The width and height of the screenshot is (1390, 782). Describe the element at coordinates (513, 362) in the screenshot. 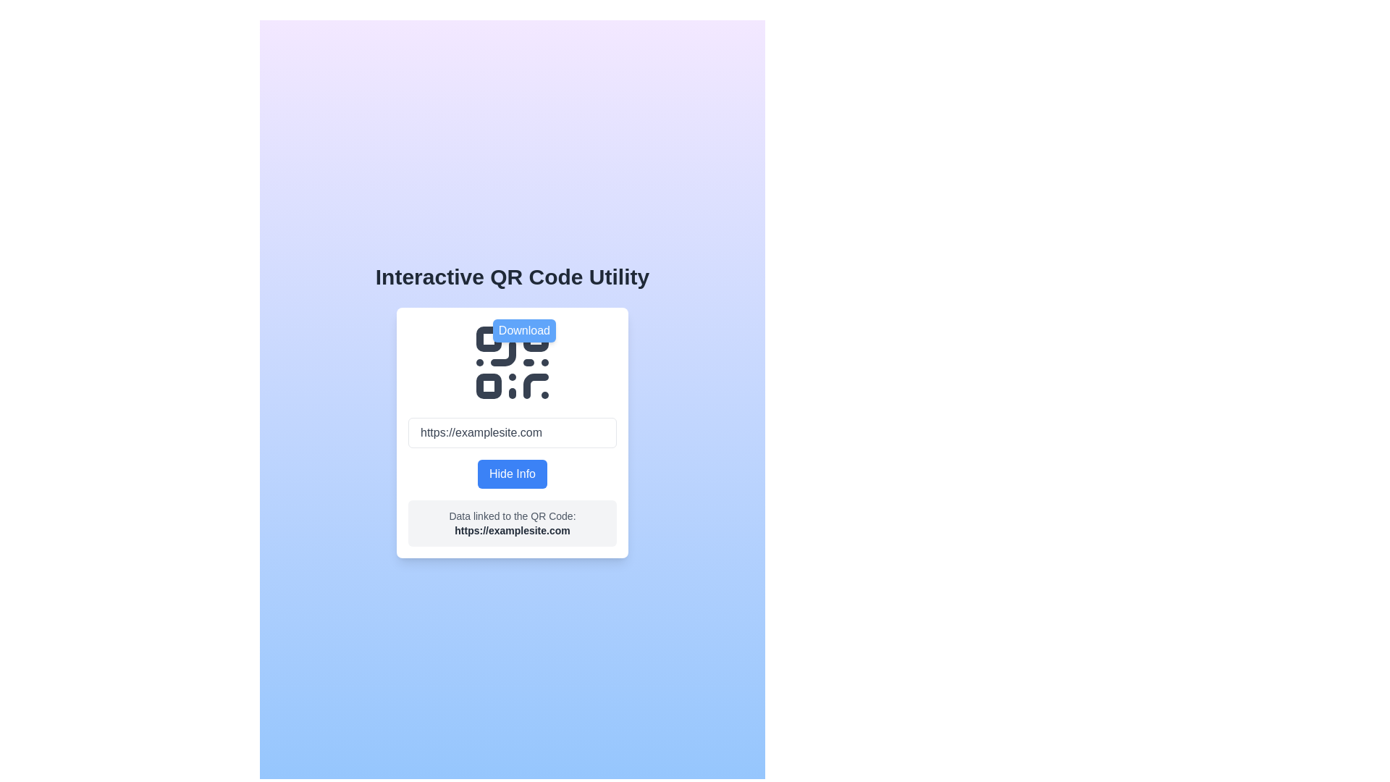

I see `the QR Code located at the center of the card beneath the 'Download' button, represented by a grid-like pattern of black shapes on a white background` at that location.